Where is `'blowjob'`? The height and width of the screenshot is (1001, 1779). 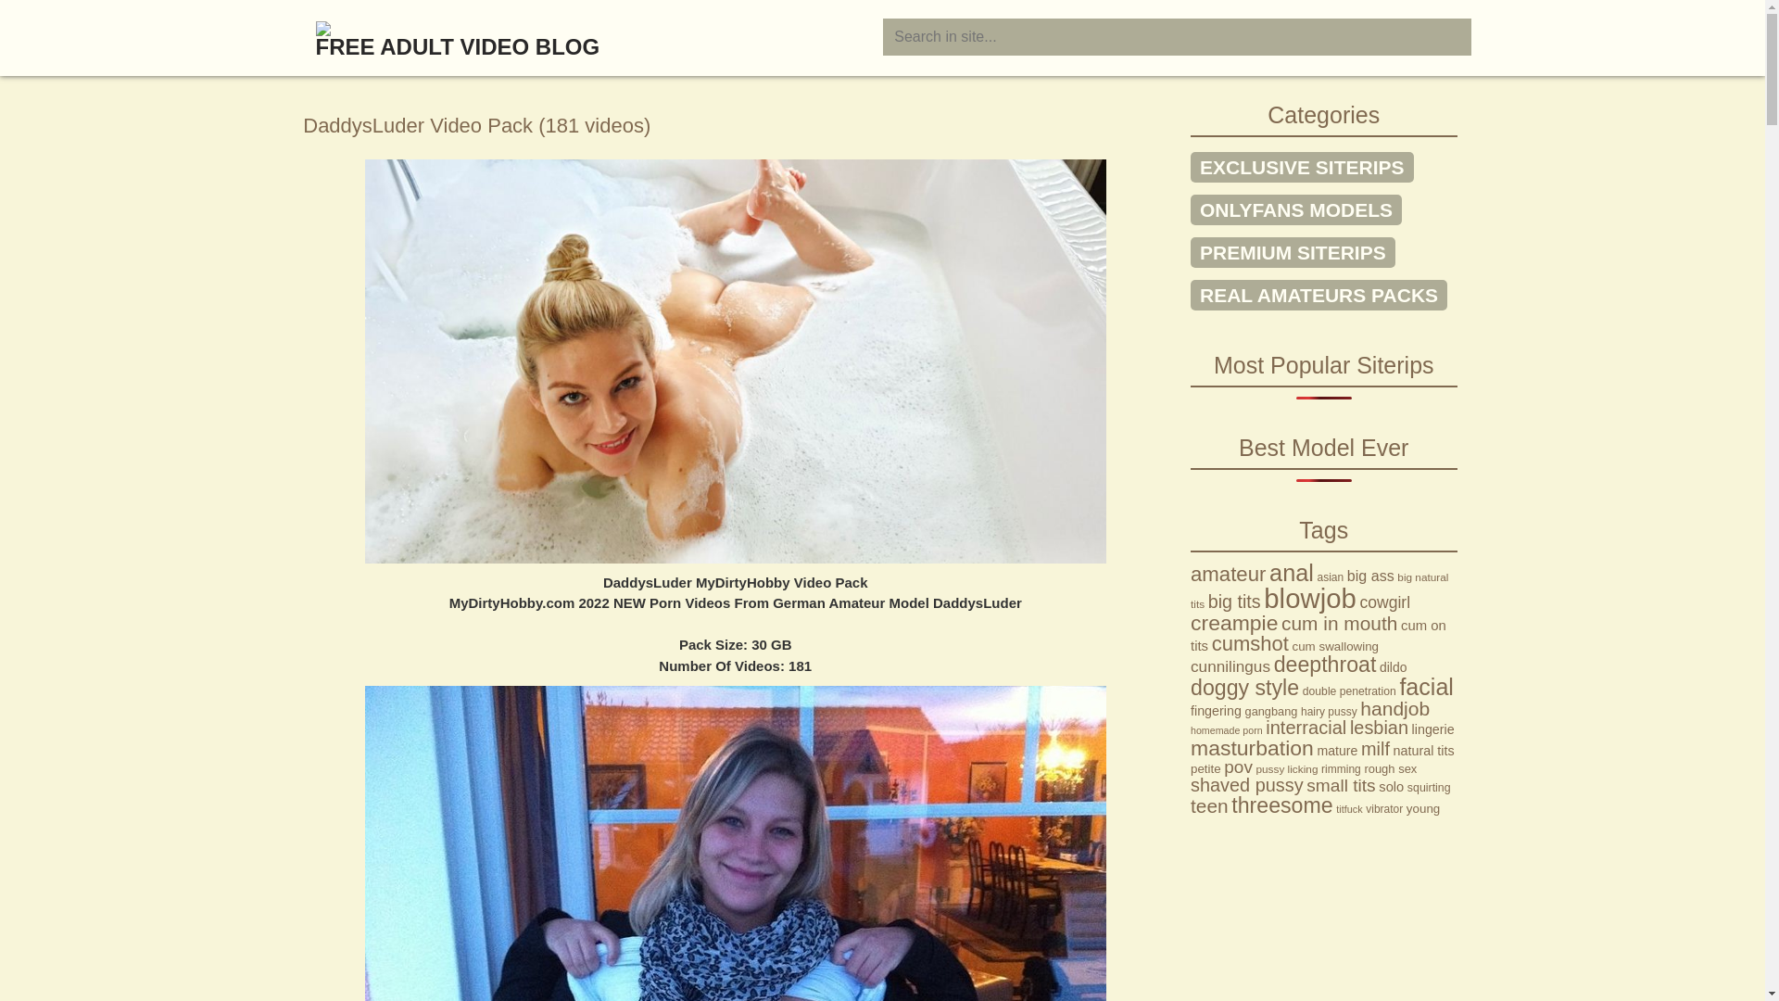
'blowjob' is located at coordinates (1262, 598).